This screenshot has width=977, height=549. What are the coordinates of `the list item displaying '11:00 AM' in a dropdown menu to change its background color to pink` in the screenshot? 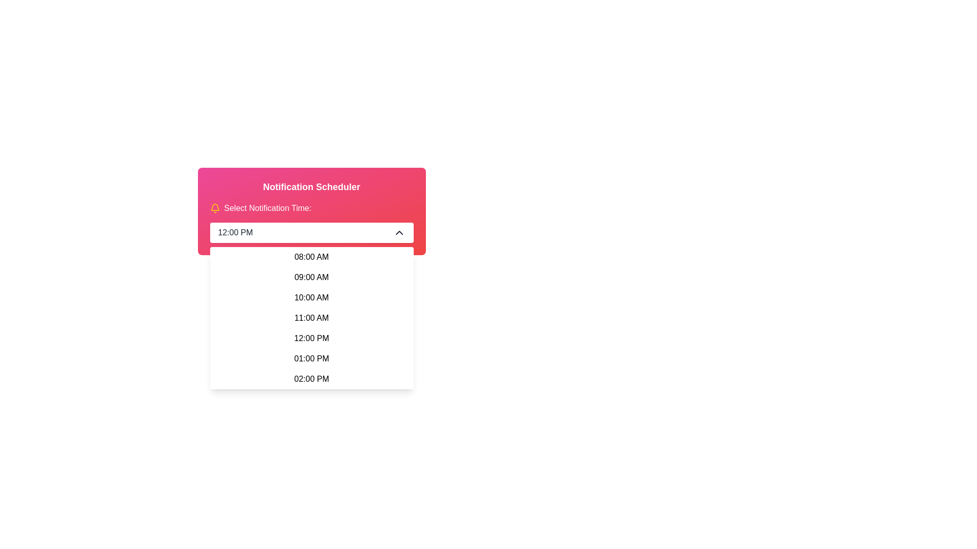 It's located at (311, 317).